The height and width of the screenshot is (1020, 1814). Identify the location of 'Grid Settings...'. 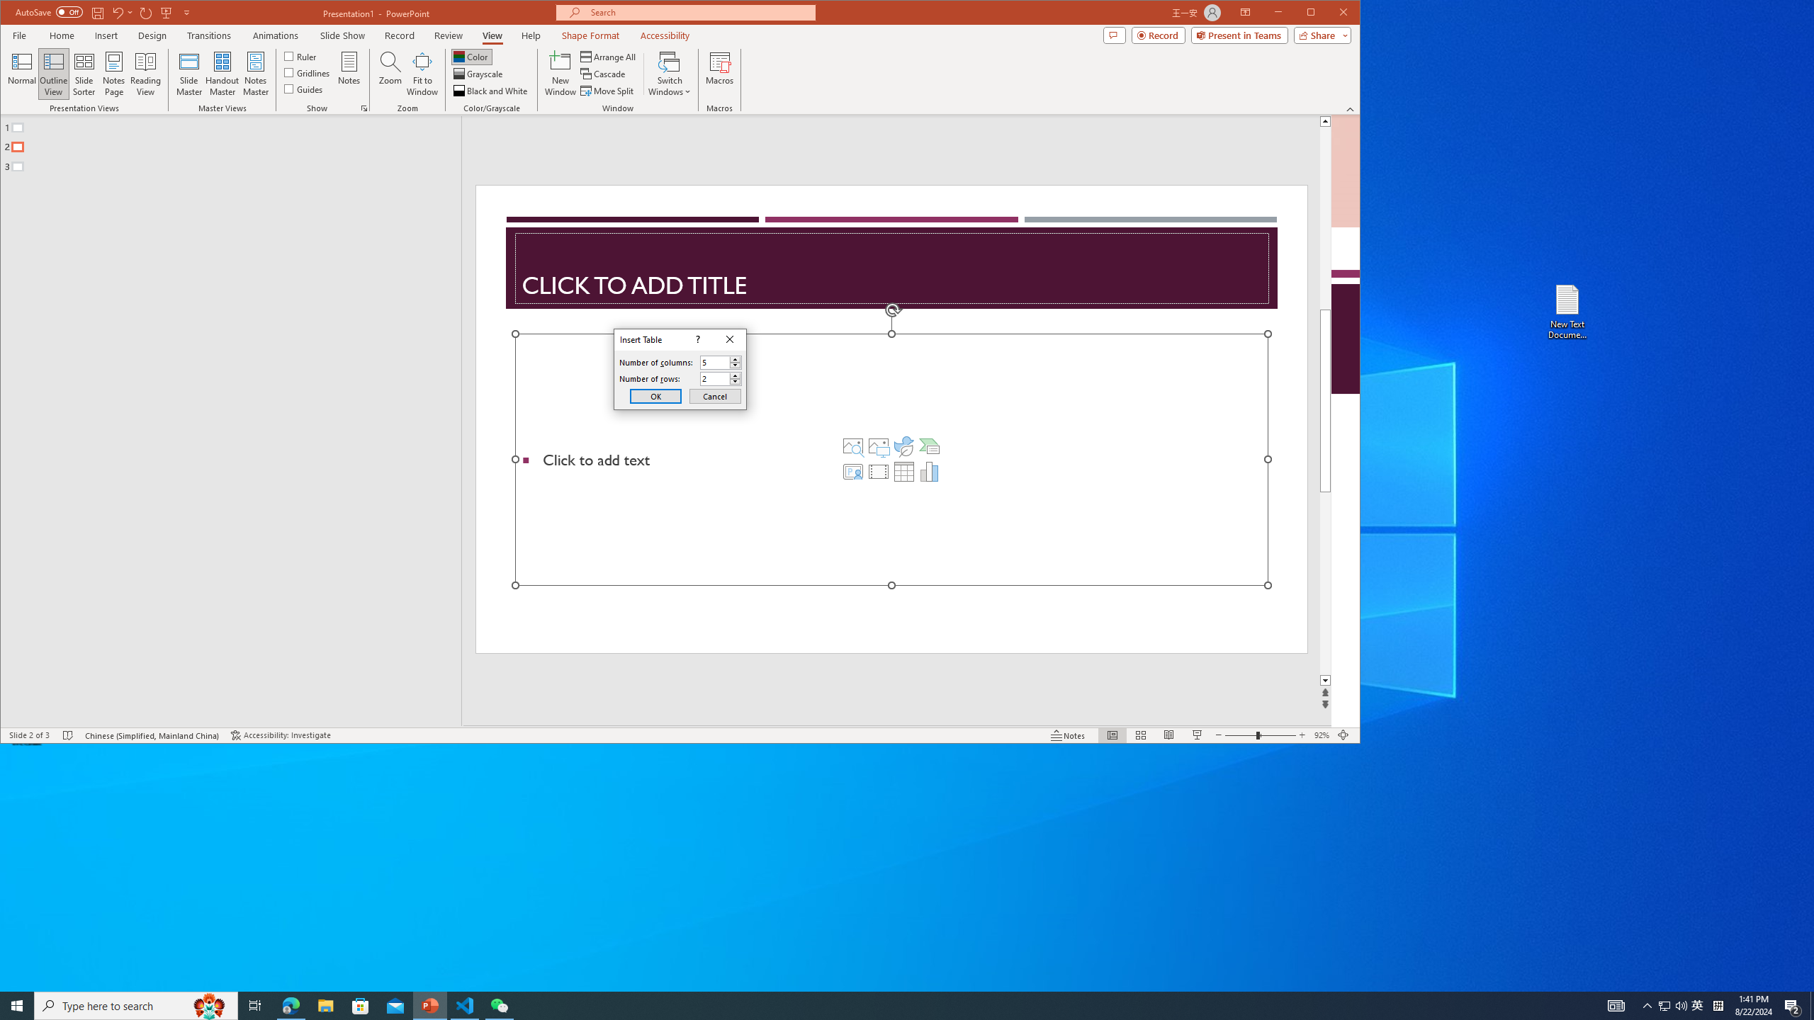
(364, 108).